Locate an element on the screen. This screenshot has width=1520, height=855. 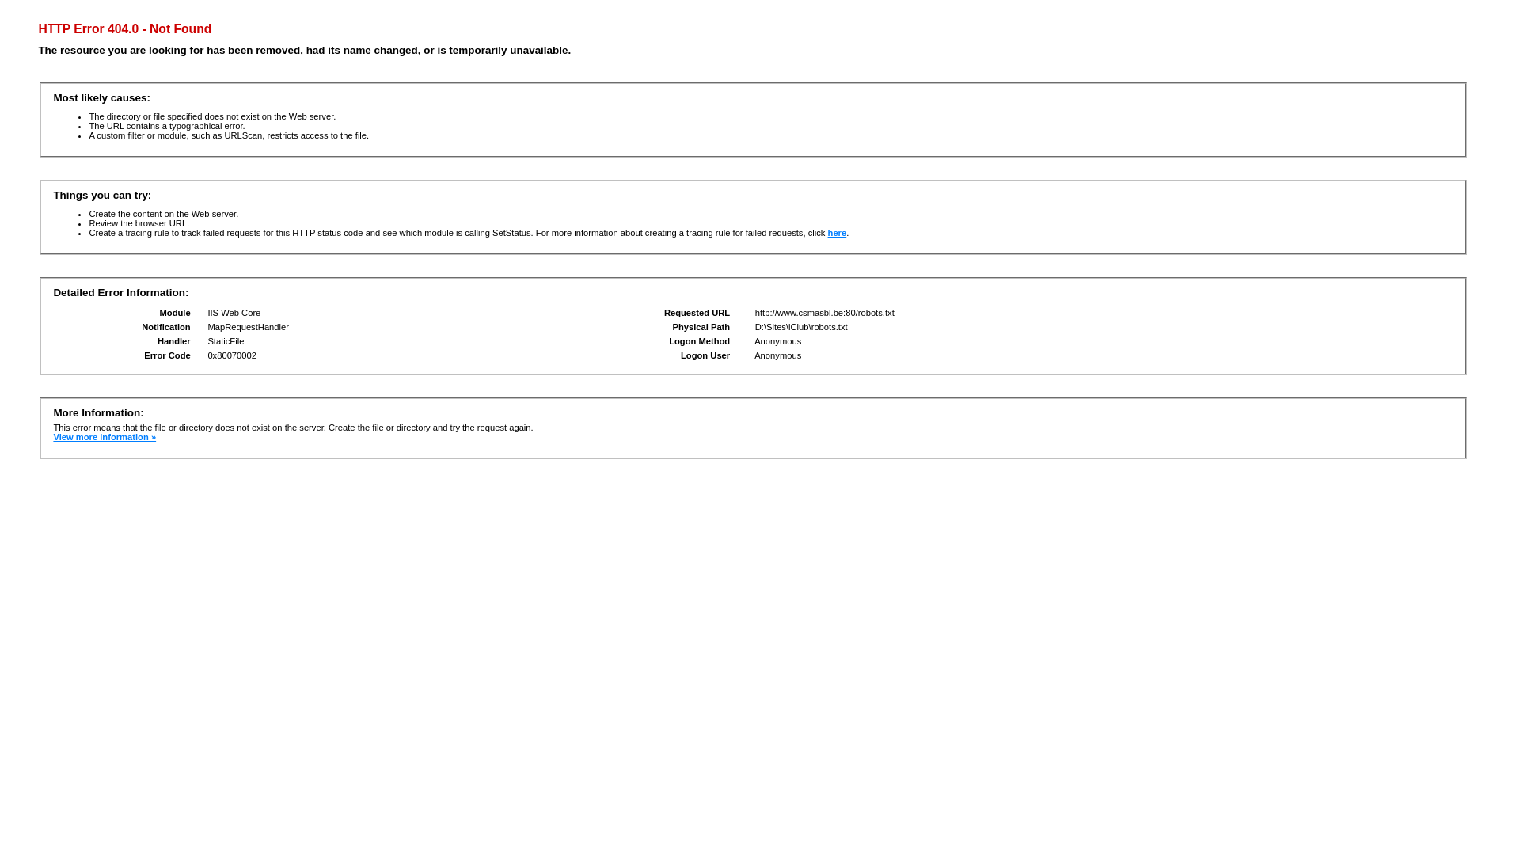
'here' is located at coordinates (836, 232).